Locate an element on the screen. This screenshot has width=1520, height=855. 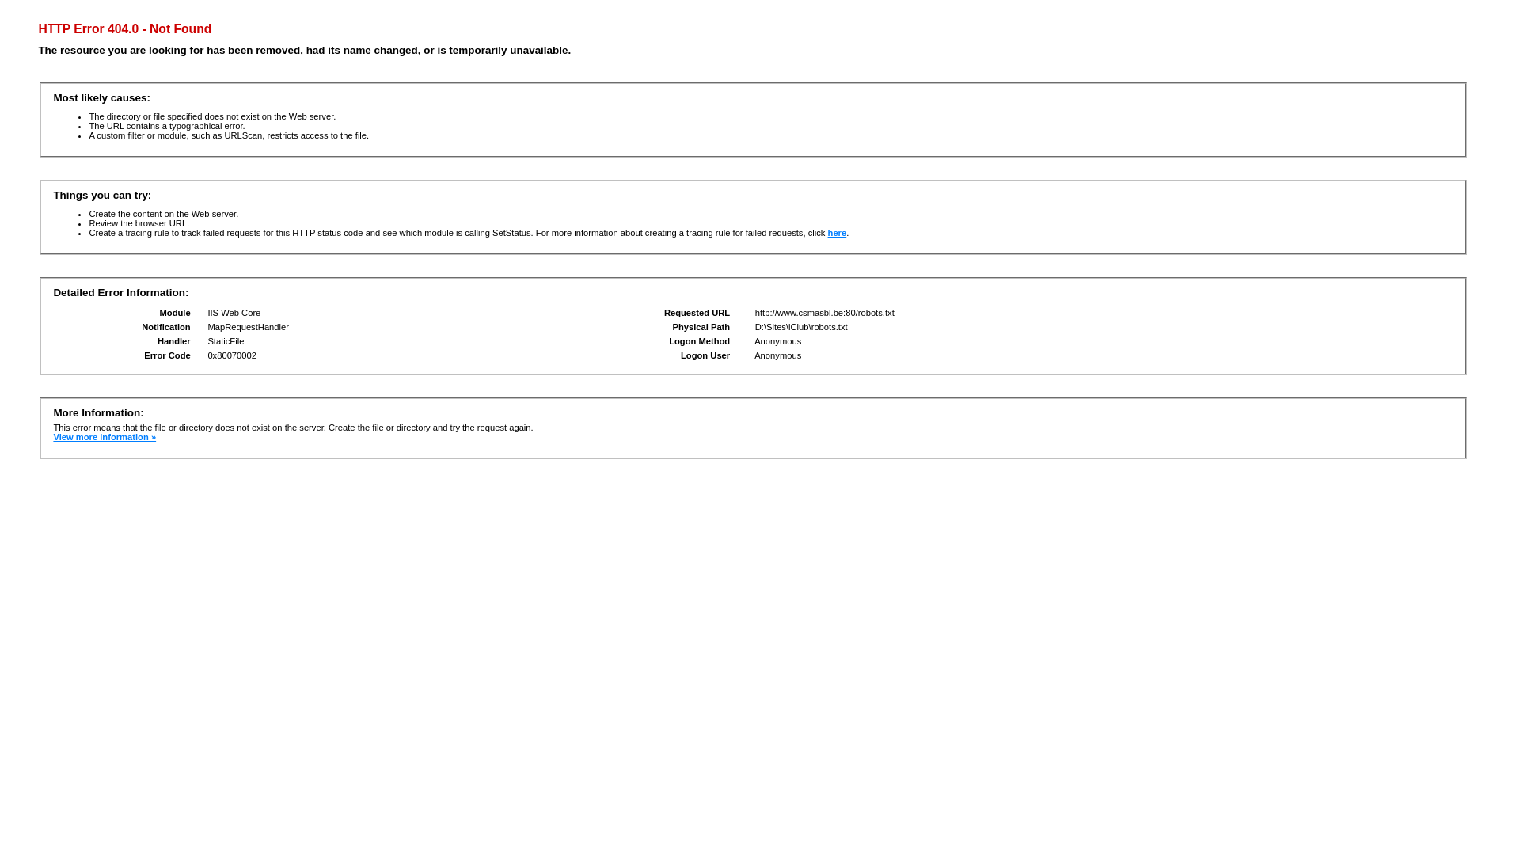
'here' is located at coordinates (836, 232).